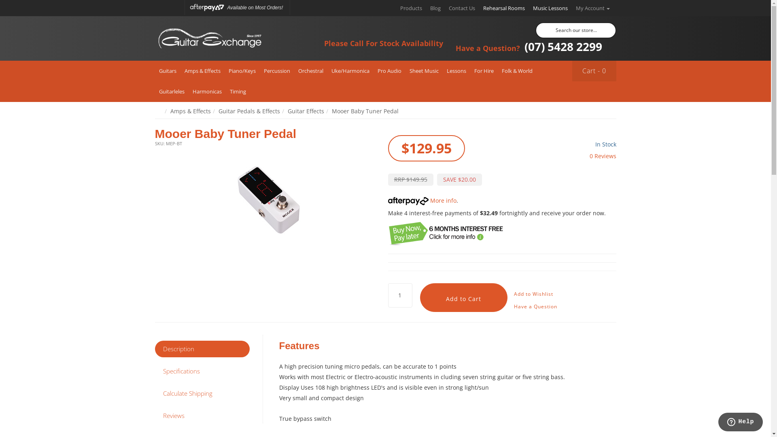  Describe the element at coordinates (277, 70) in the screenshot. I see `'Percussion'` at that location.